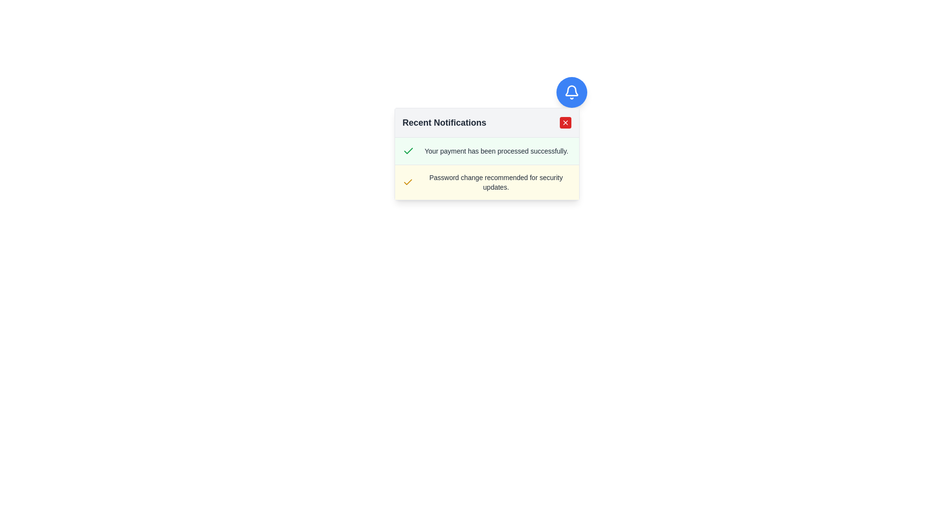 This screenshot has height=520, width=925. I want to click on the checkmark SVG icon positioned to the left of the text 'Password change recommended for security updates' within the notifications panel, so click(408, 182).